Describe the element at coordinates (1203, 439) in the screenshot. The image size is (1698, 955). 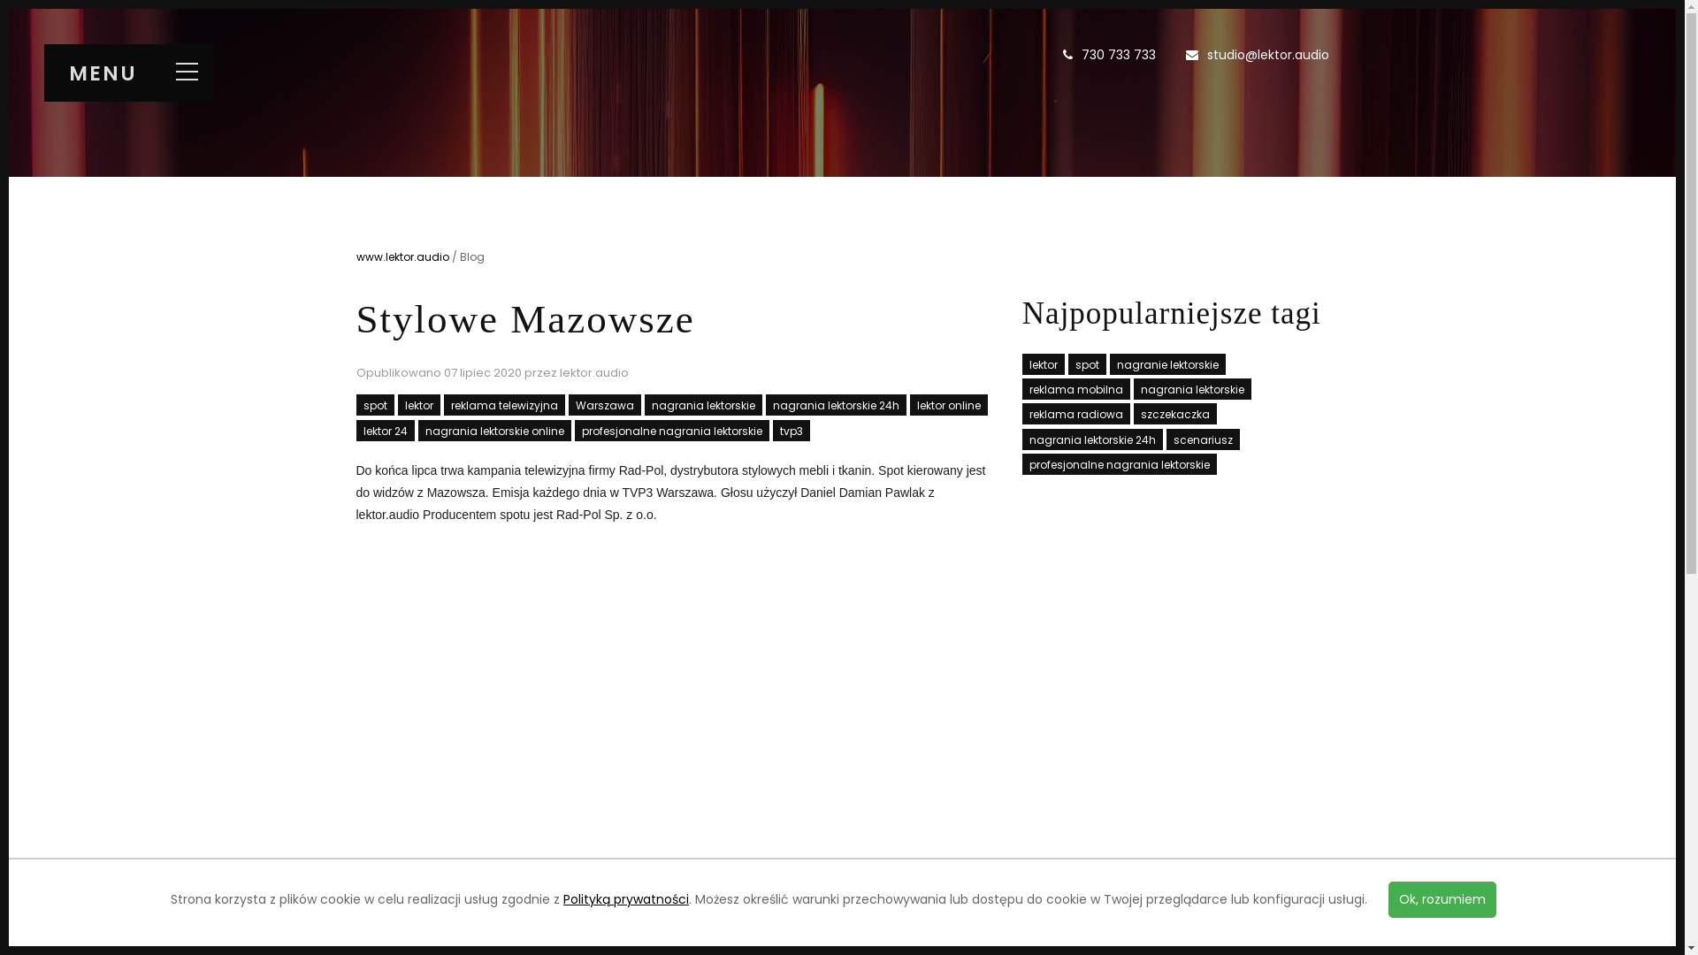
I see `'scenariusz'` at that location.